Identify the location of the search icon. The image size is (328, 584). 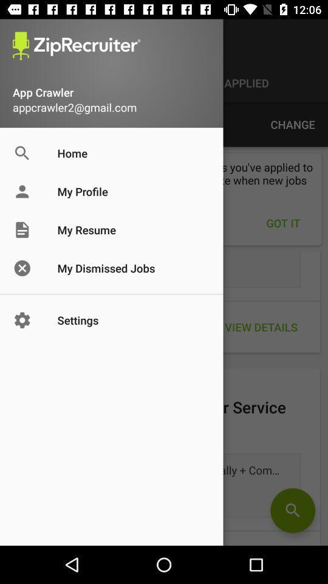
(292, 510).